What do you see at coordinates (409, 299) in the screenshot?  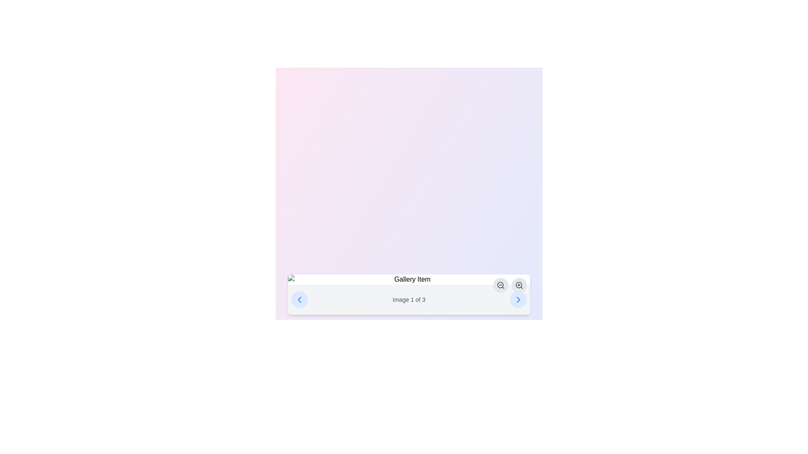 I see `text from the Text element that indicates the current position within a gallery or carousel, located at the bottom section of the interface, centered between the navigational arrows` at bounding box center [409, 299].